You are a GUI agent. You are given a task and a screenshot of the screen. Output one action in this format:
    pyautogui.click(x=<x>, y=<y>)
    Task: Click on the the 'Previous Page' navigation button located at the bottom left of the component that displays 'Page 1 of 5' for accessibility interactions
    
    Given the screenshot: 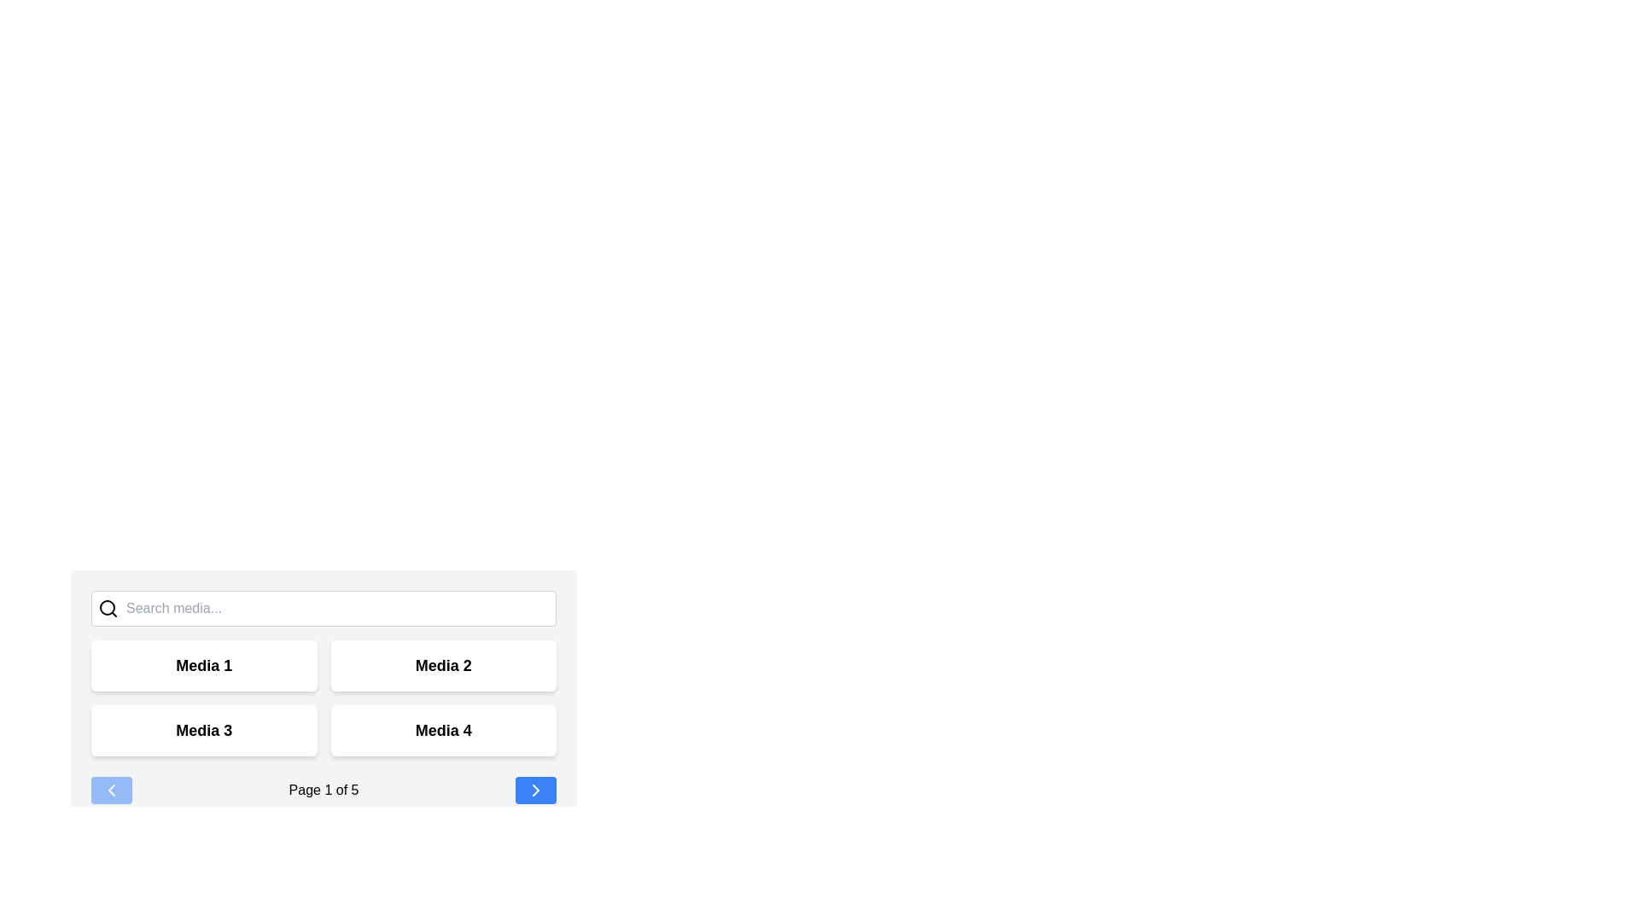 What is the action you would take?
    pyautogui.click(x=110, y=790)
    